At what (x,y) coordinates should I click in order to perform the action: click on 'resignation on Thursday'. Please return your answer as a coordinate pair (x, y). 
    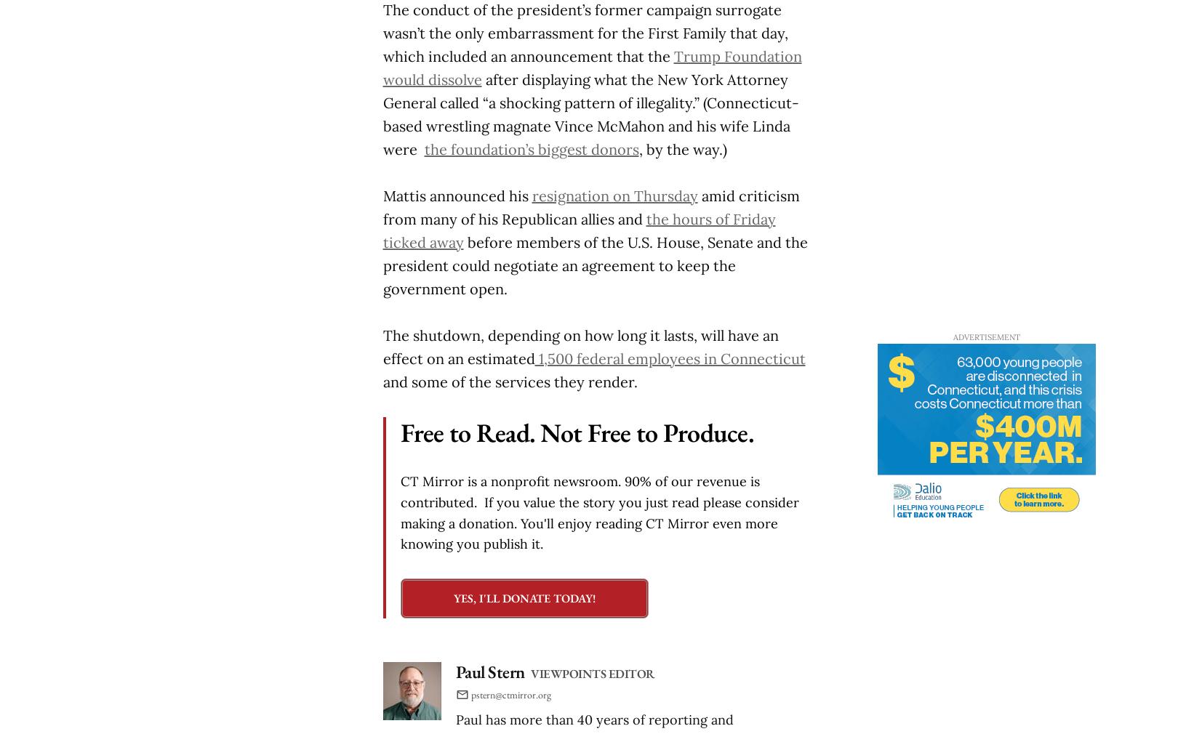
    Looking at the image, I should click on (614, 195).